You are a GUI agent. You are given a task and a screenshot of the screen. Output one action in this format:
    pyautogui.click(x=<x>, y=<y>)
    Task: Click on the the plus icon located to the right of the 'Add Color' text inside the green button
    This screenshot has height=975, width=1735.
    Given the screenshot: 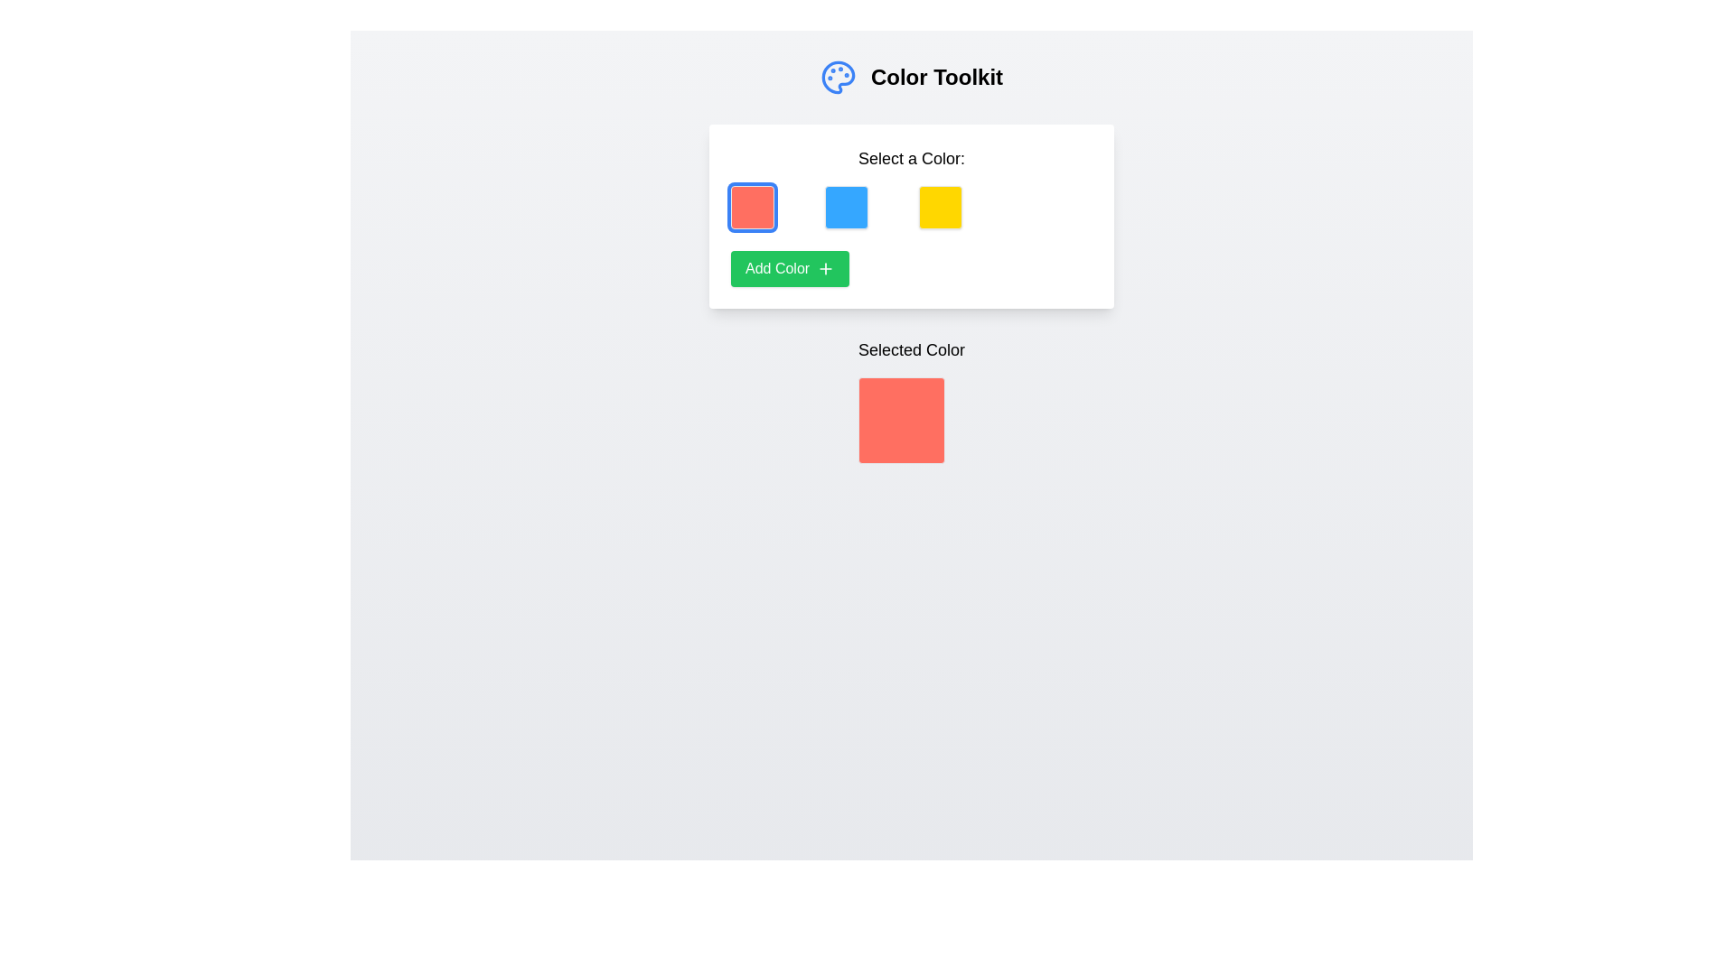 What is the action you would take?
    pyautogui.click(x=825, y=268)
    